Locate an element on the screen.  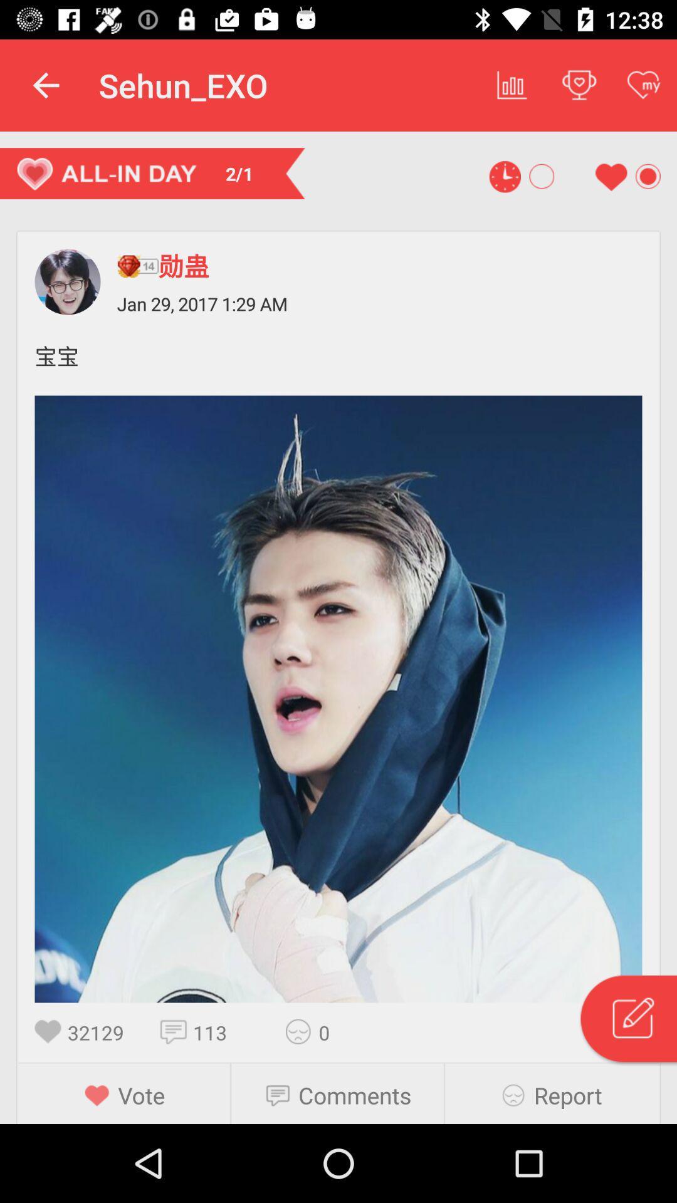
item to the right of sehun_exo icon is located at coordinates (512, 85).